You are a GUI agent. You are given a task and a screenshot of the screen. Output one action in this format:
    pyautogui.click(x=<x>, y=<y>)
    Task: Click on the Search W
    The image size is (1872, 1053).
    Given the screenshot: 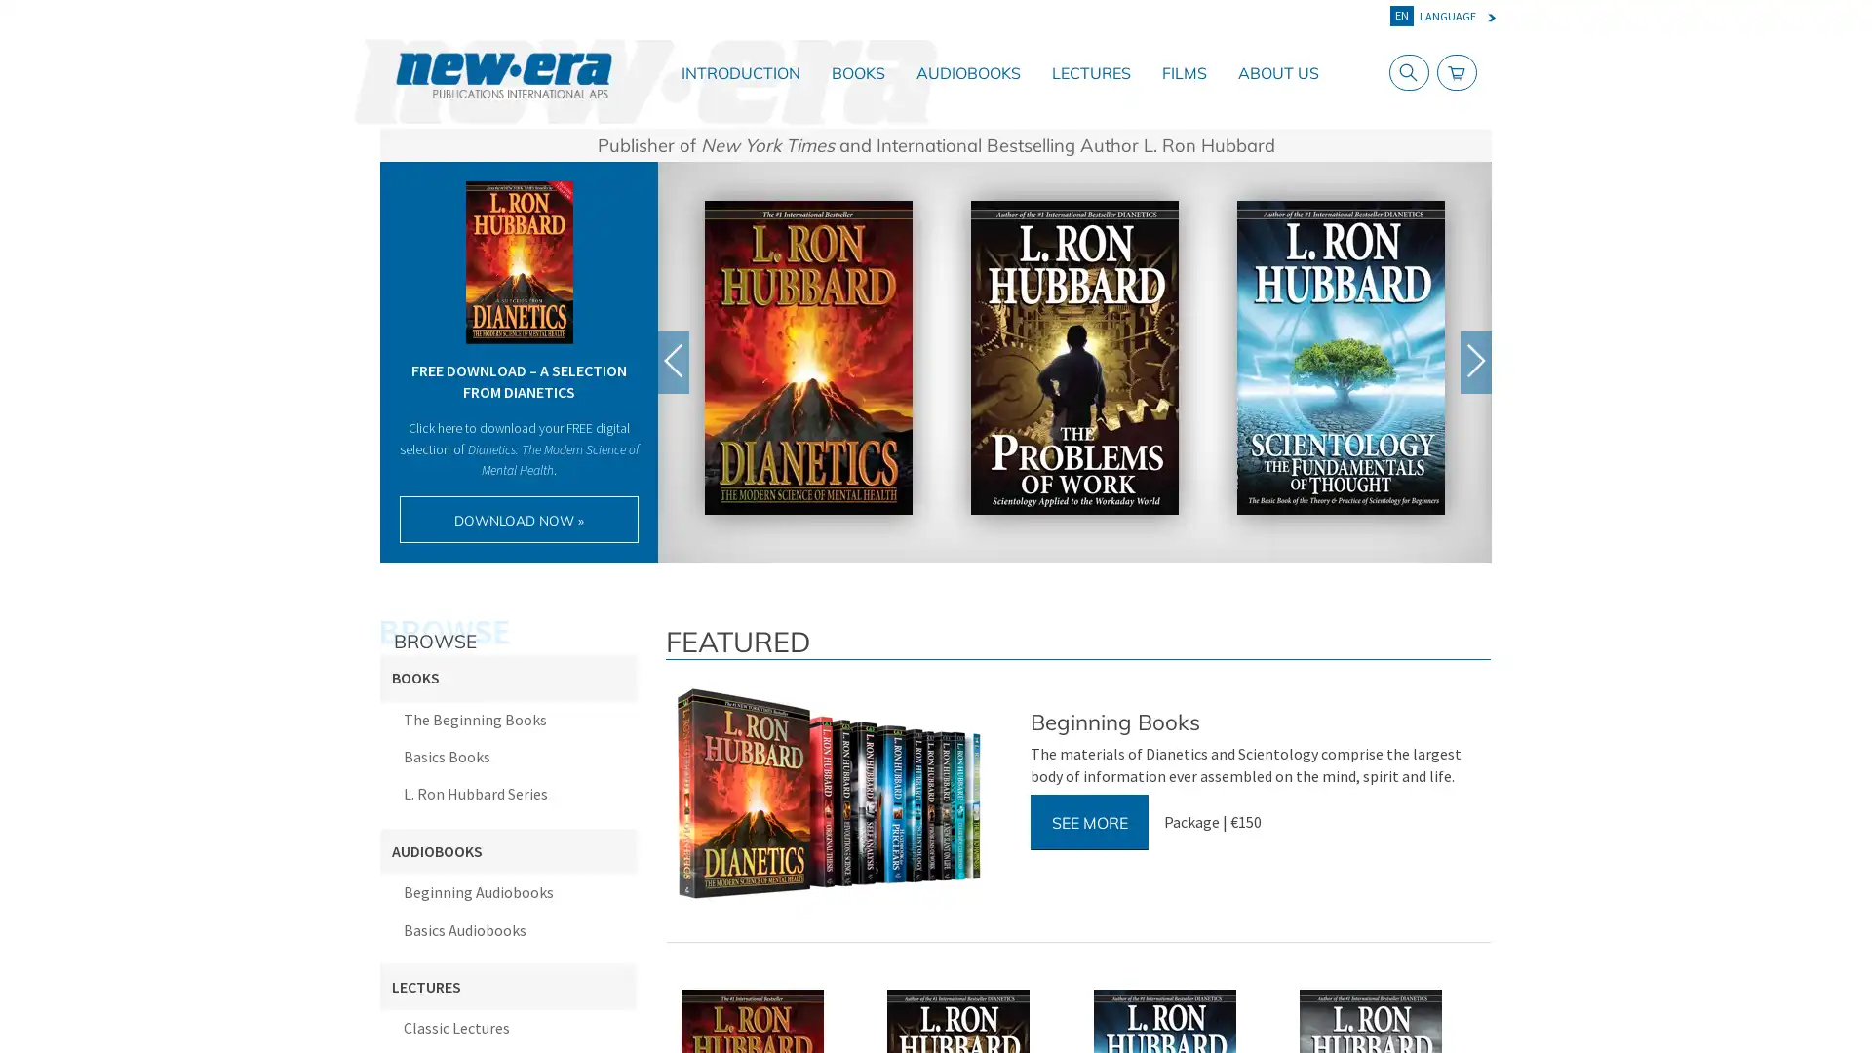 What is the action you would take?
    pyautogui.click(x=1404, y=71)
    